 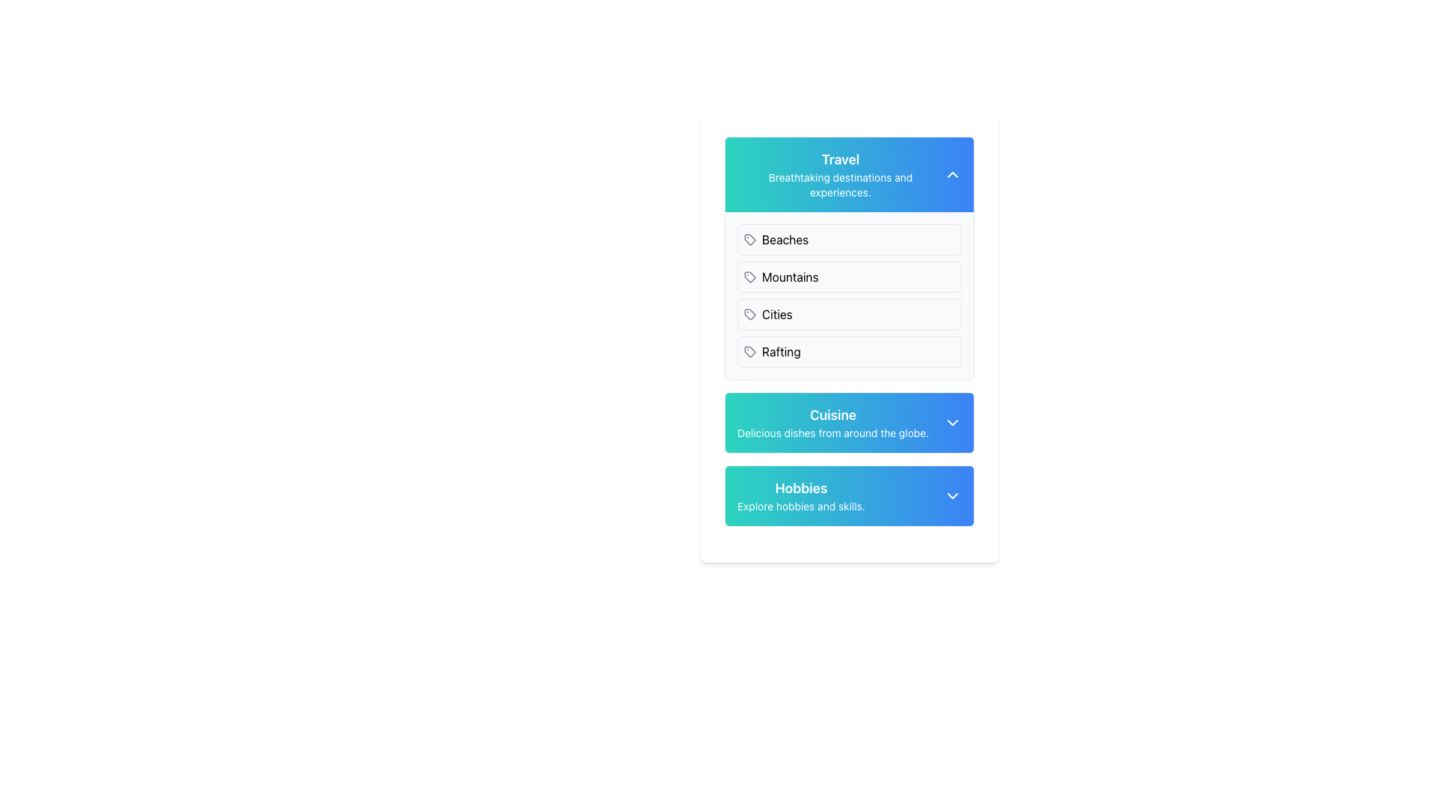 I want to click on the collapsible button located at the bottom of the vertically stacked list of sections, so click(x=850, y=495).